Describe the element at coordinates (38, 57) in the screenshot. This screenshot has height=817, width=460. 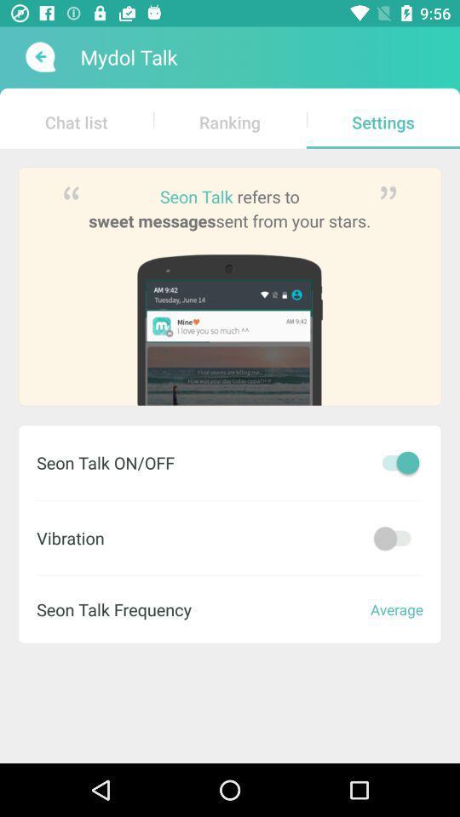
I see `back button` at that location.